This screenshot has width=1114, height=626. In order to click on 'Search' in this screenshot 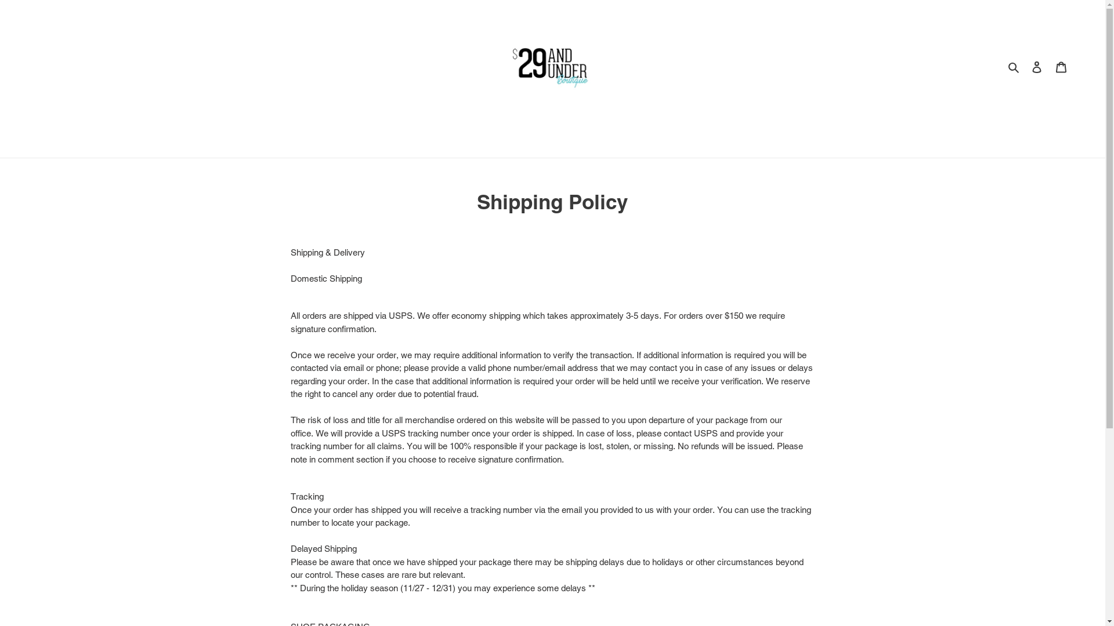, I will do `click(1014, 67)`.